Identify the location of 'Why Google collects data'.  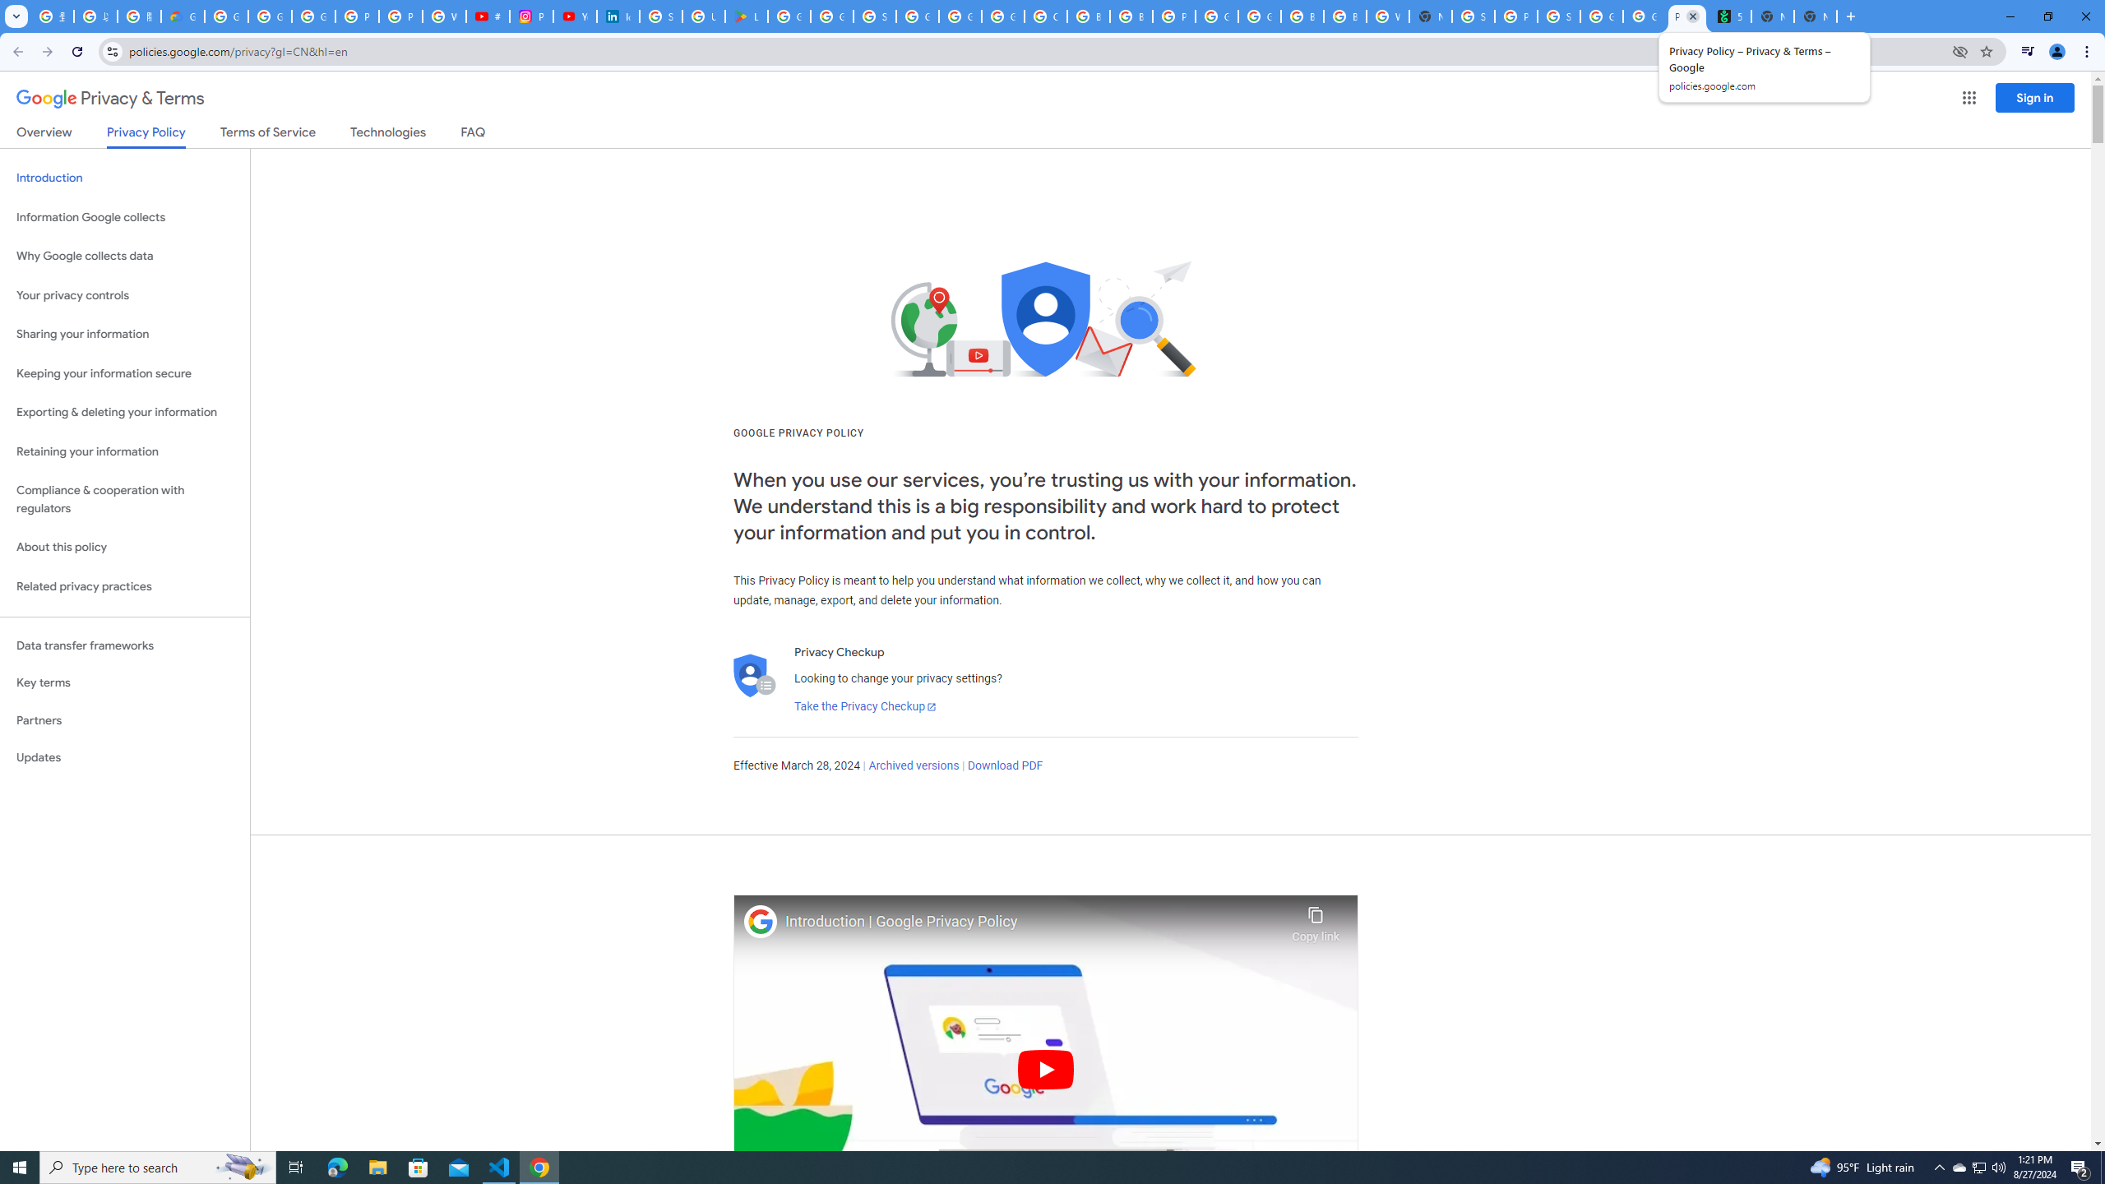
(124, 255).